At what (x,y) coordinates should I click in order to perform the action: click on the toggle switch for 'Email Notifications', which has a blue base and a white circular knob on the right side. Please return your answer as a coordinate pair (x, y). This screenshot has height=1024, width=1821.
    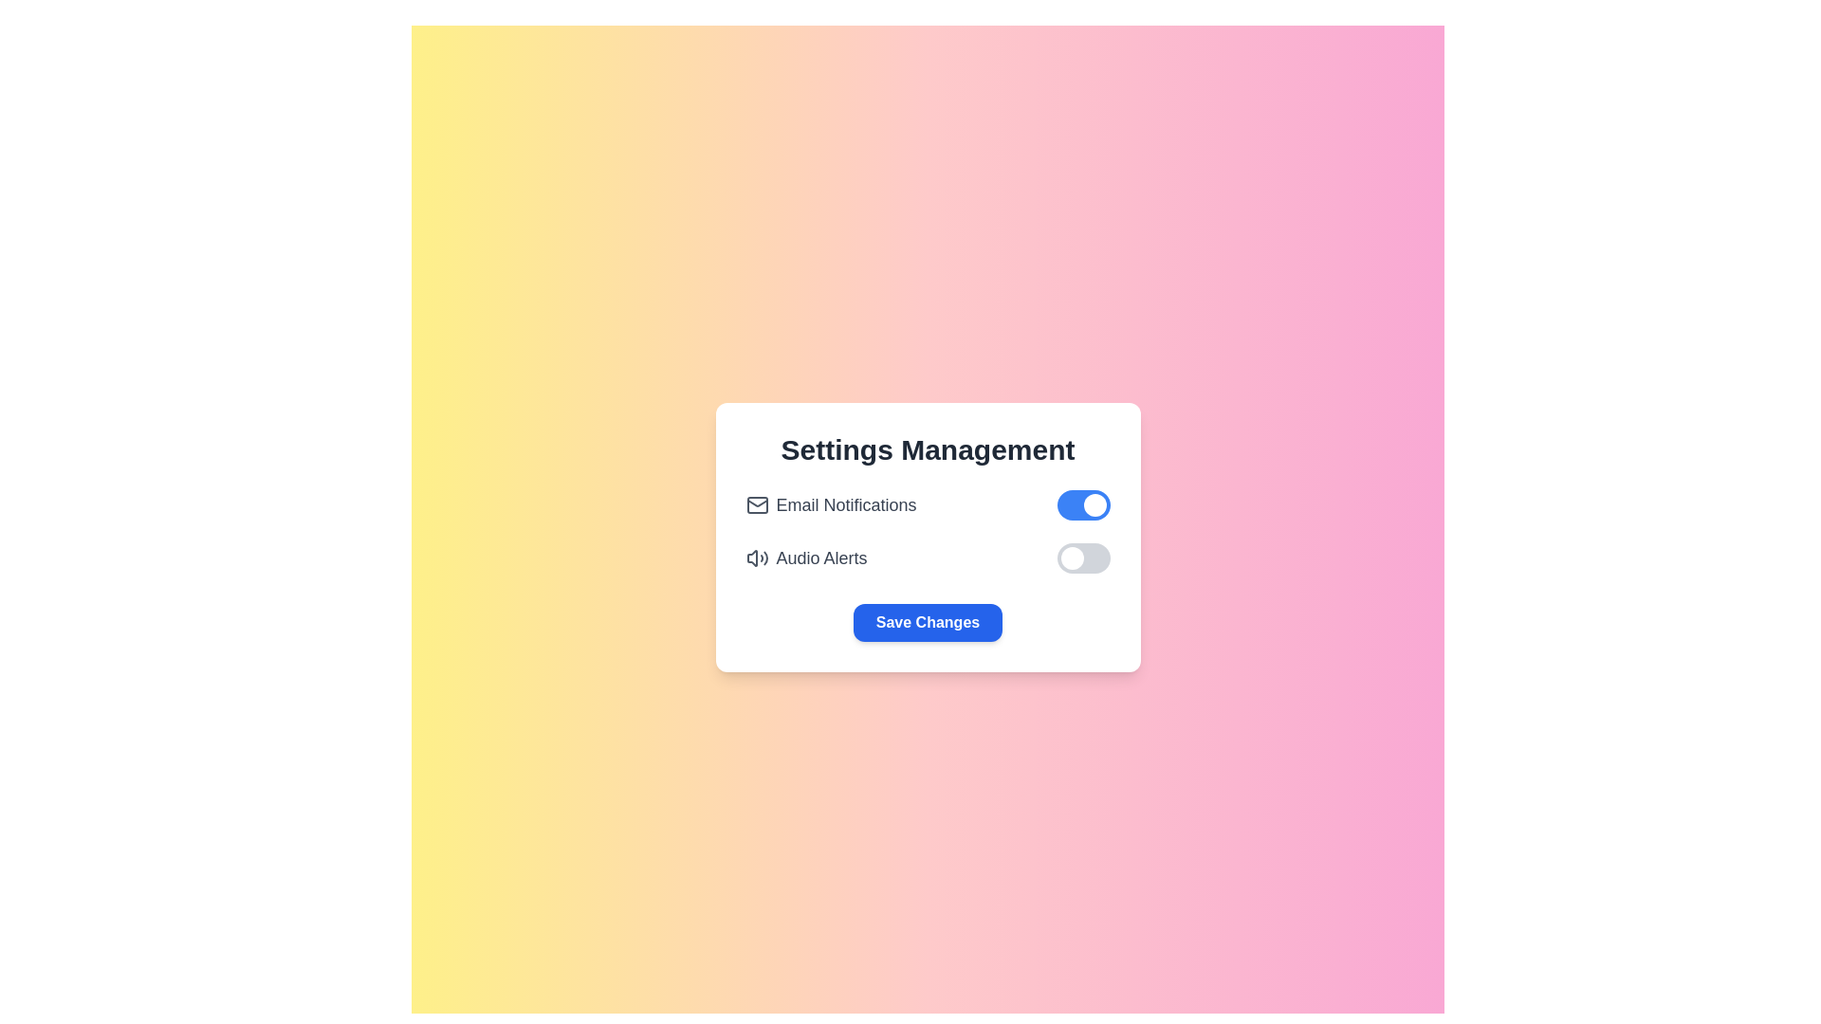
    Looking at the image, I should click on (1083, 503).